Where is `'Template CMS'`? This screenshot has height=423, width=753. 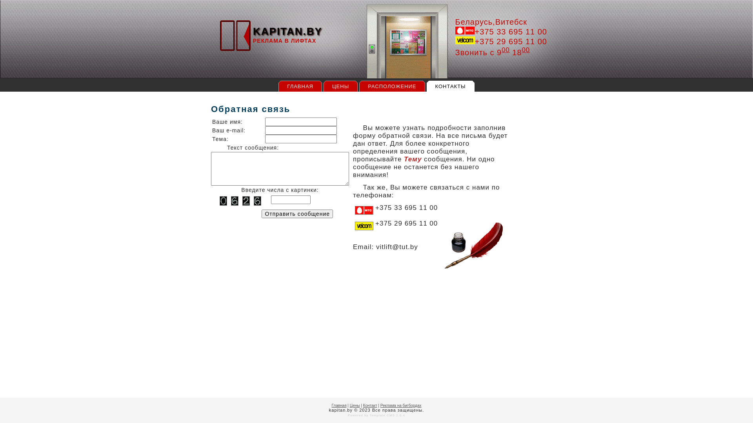
'Template CMS' is located at coordinates (369, 415).